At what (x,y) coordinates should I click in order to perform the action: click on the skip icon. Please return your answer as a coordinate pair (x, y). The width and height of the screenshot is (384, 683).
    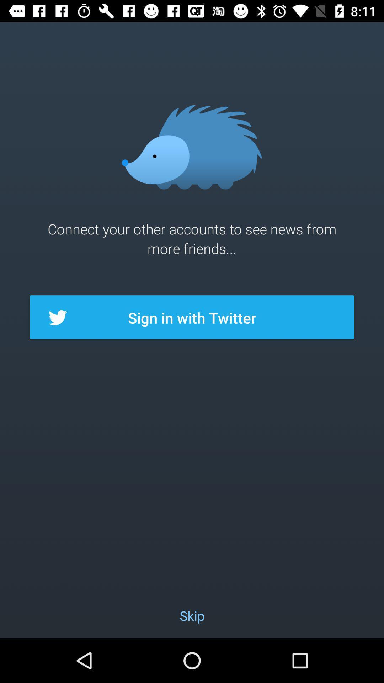
    Looking at the image, I should click on (192, 615).